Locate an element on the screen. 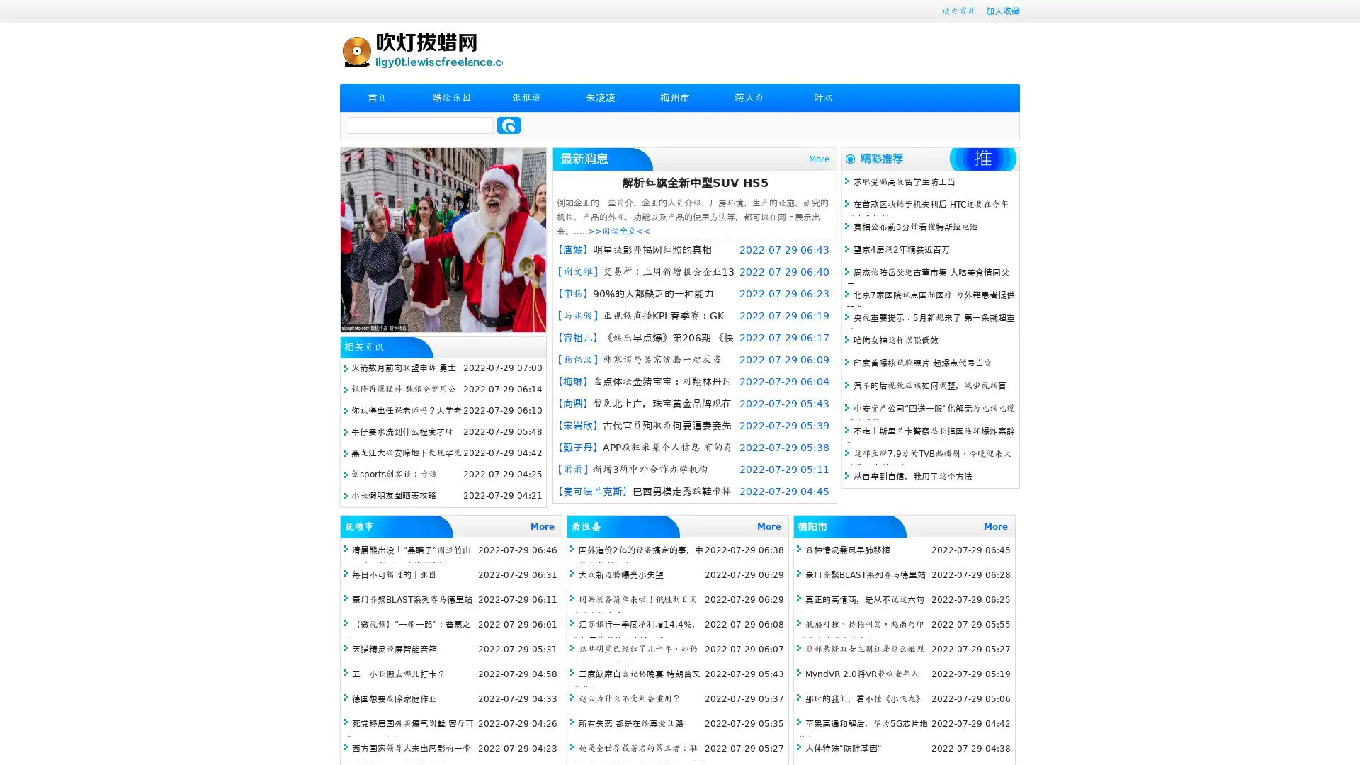  Search is located at coordinates (509, 125).